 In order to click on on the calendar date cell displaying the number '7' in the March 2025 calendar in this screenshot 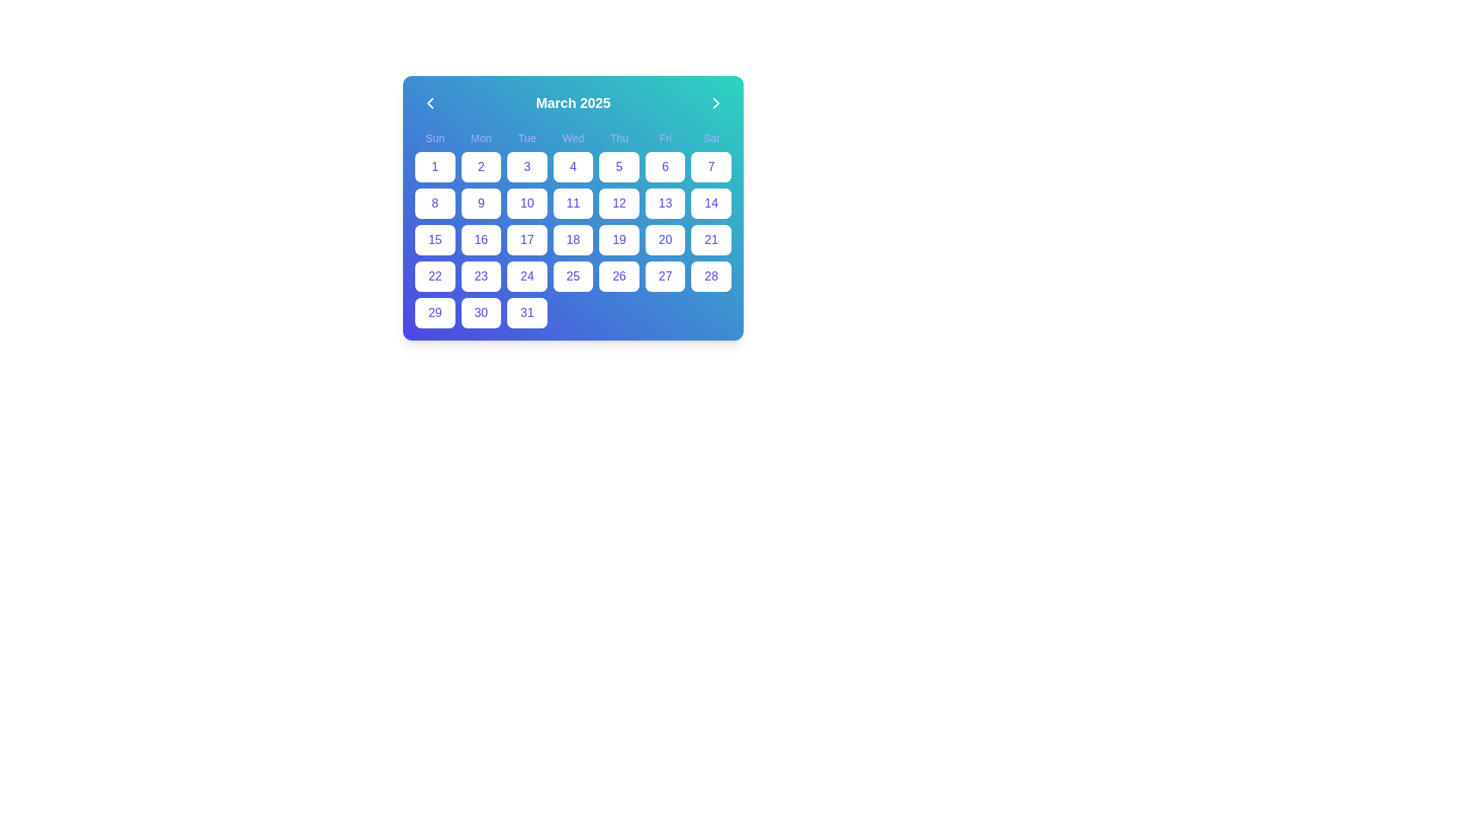, I will do `click(710, 166)`.